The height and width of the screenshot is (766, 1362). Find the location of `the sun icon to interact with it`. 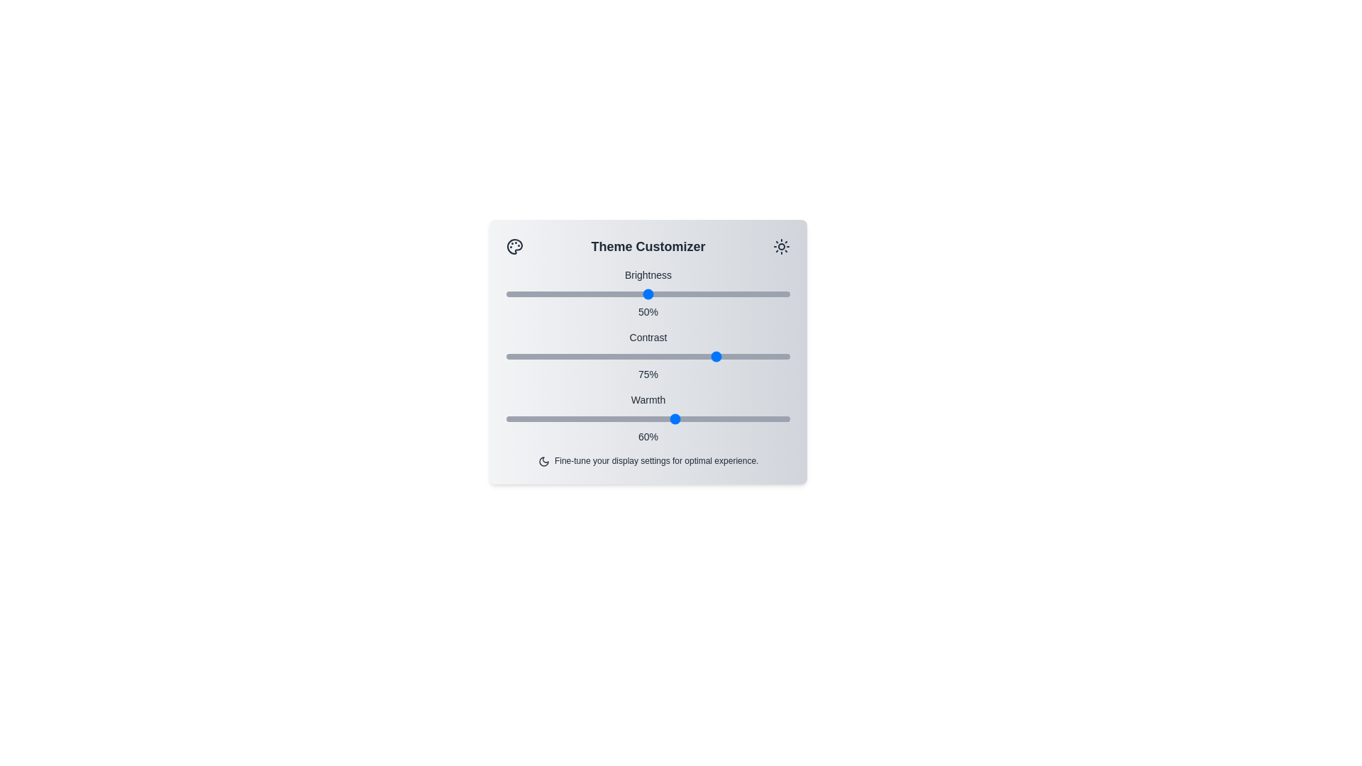

the sun icon to interact with it is located at coordinates (780, 245).